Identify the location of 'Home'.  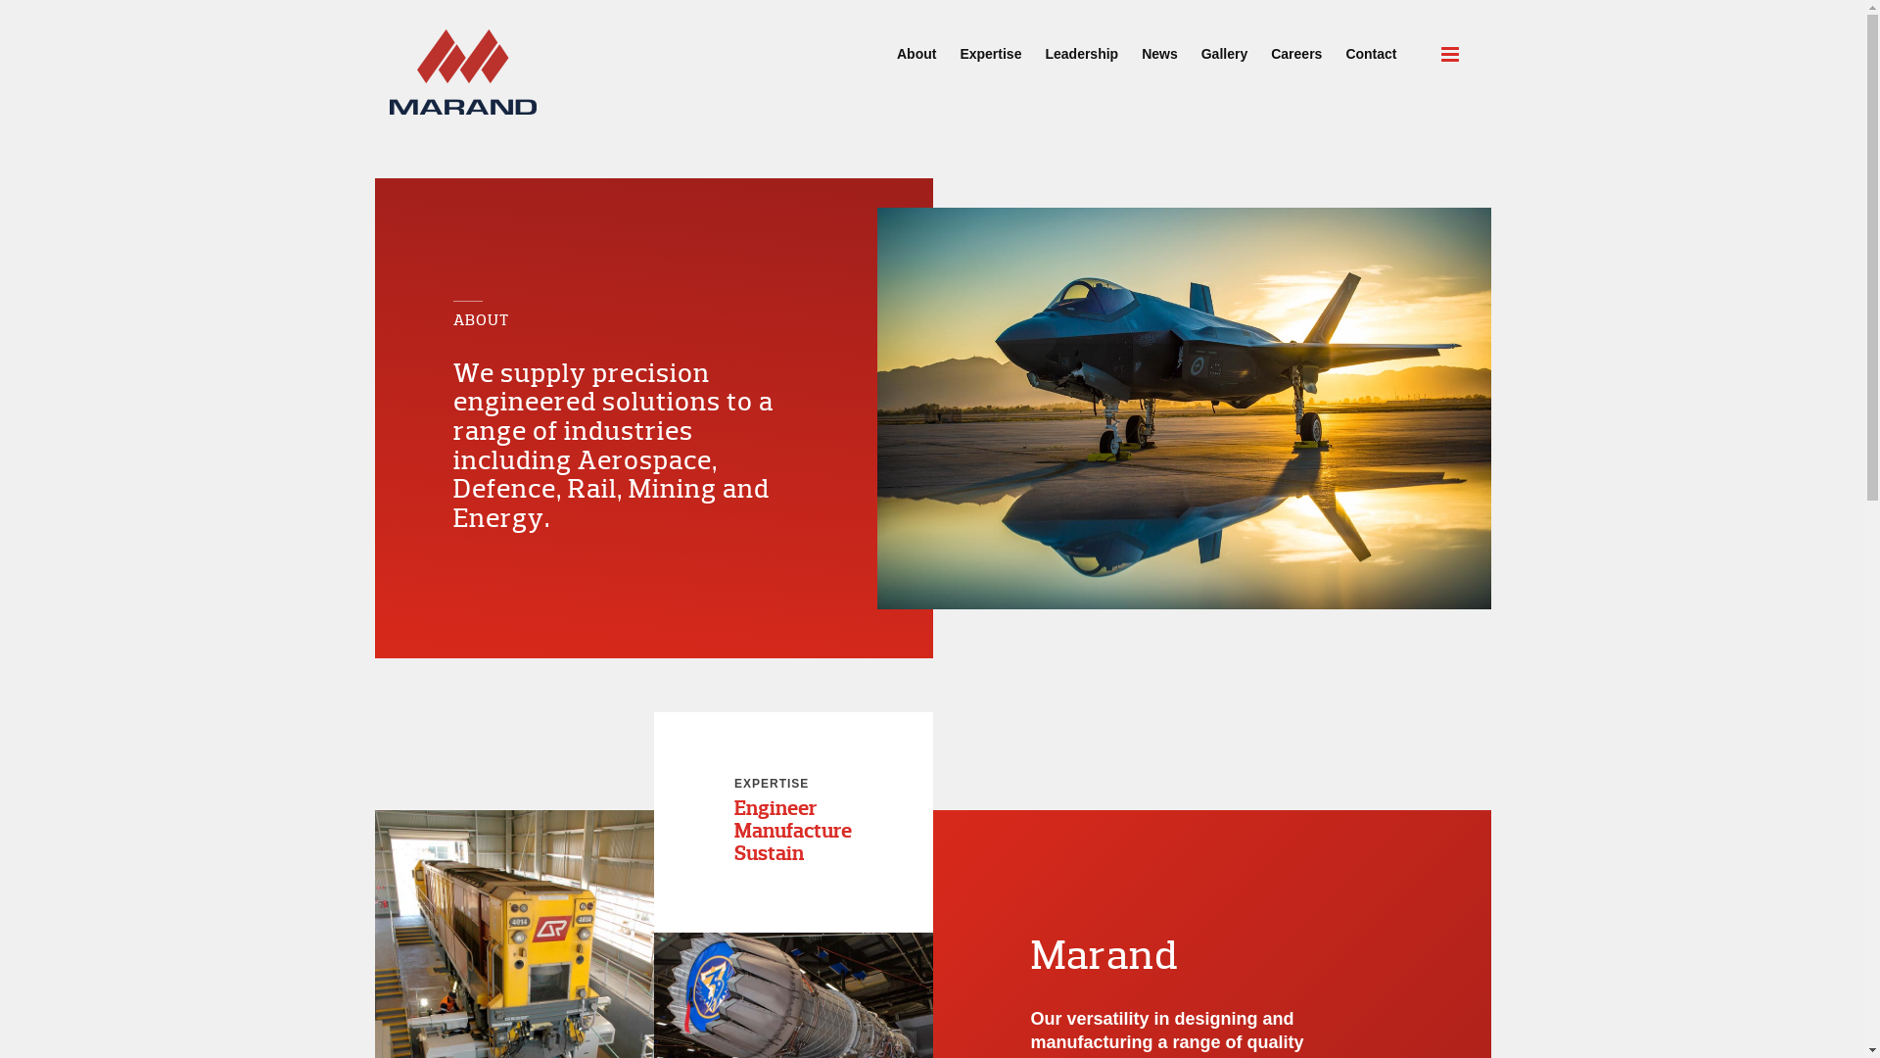
(462, 71).